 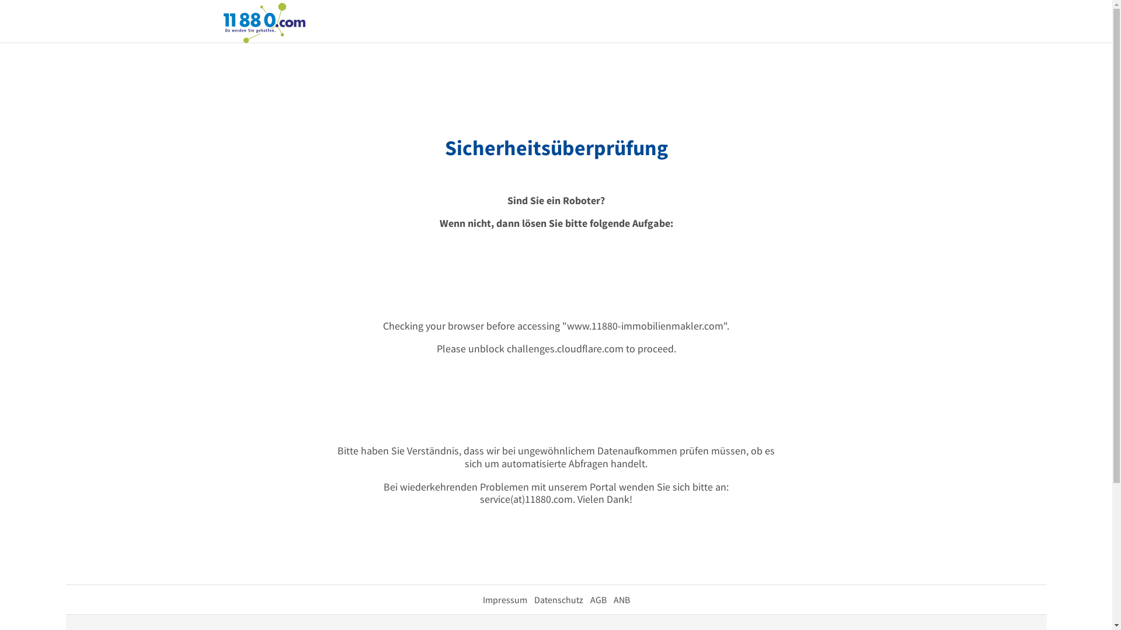 I want to click on '11880.com', so click(x=263, y=22).